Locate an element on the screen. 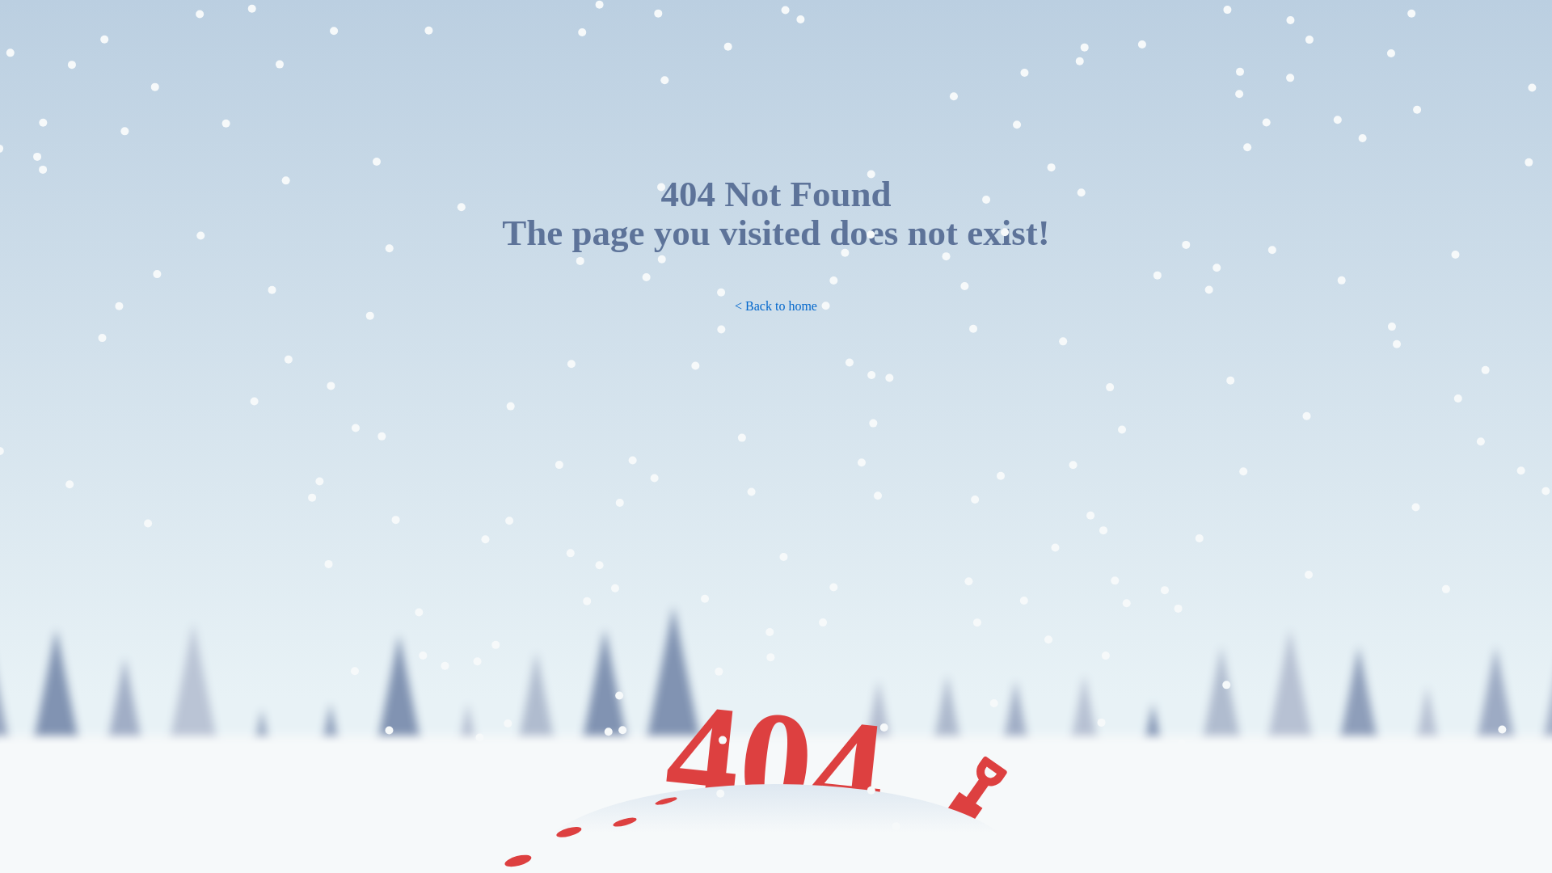 The width and height of the screenshot is (1552, 873). '< Back to home' is located at coordinates (776, 306).